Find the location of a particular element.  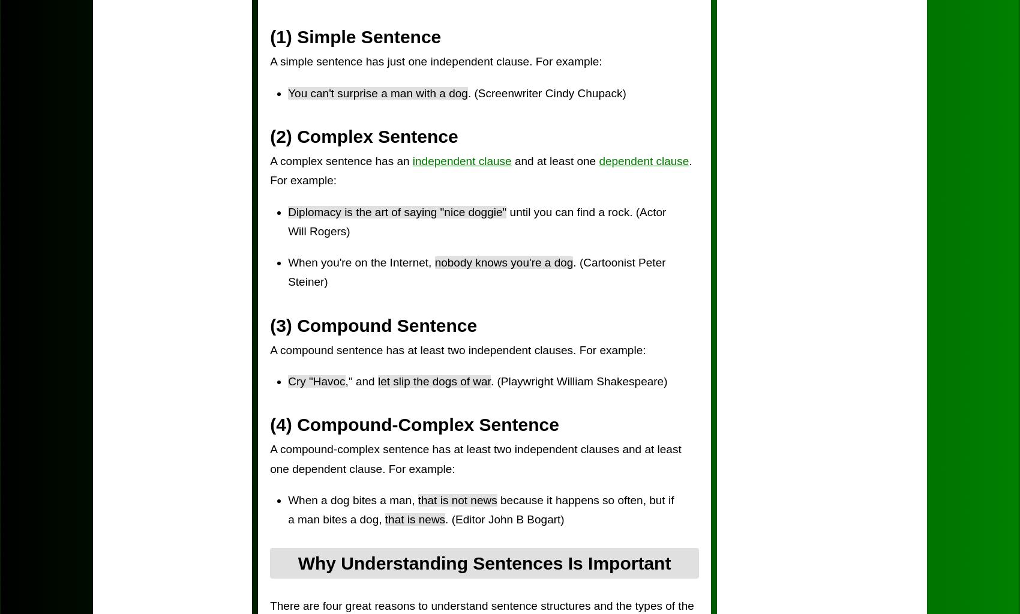

'. (Screenwriter Cindy Chupack)' is located at coordinates (547, 92).